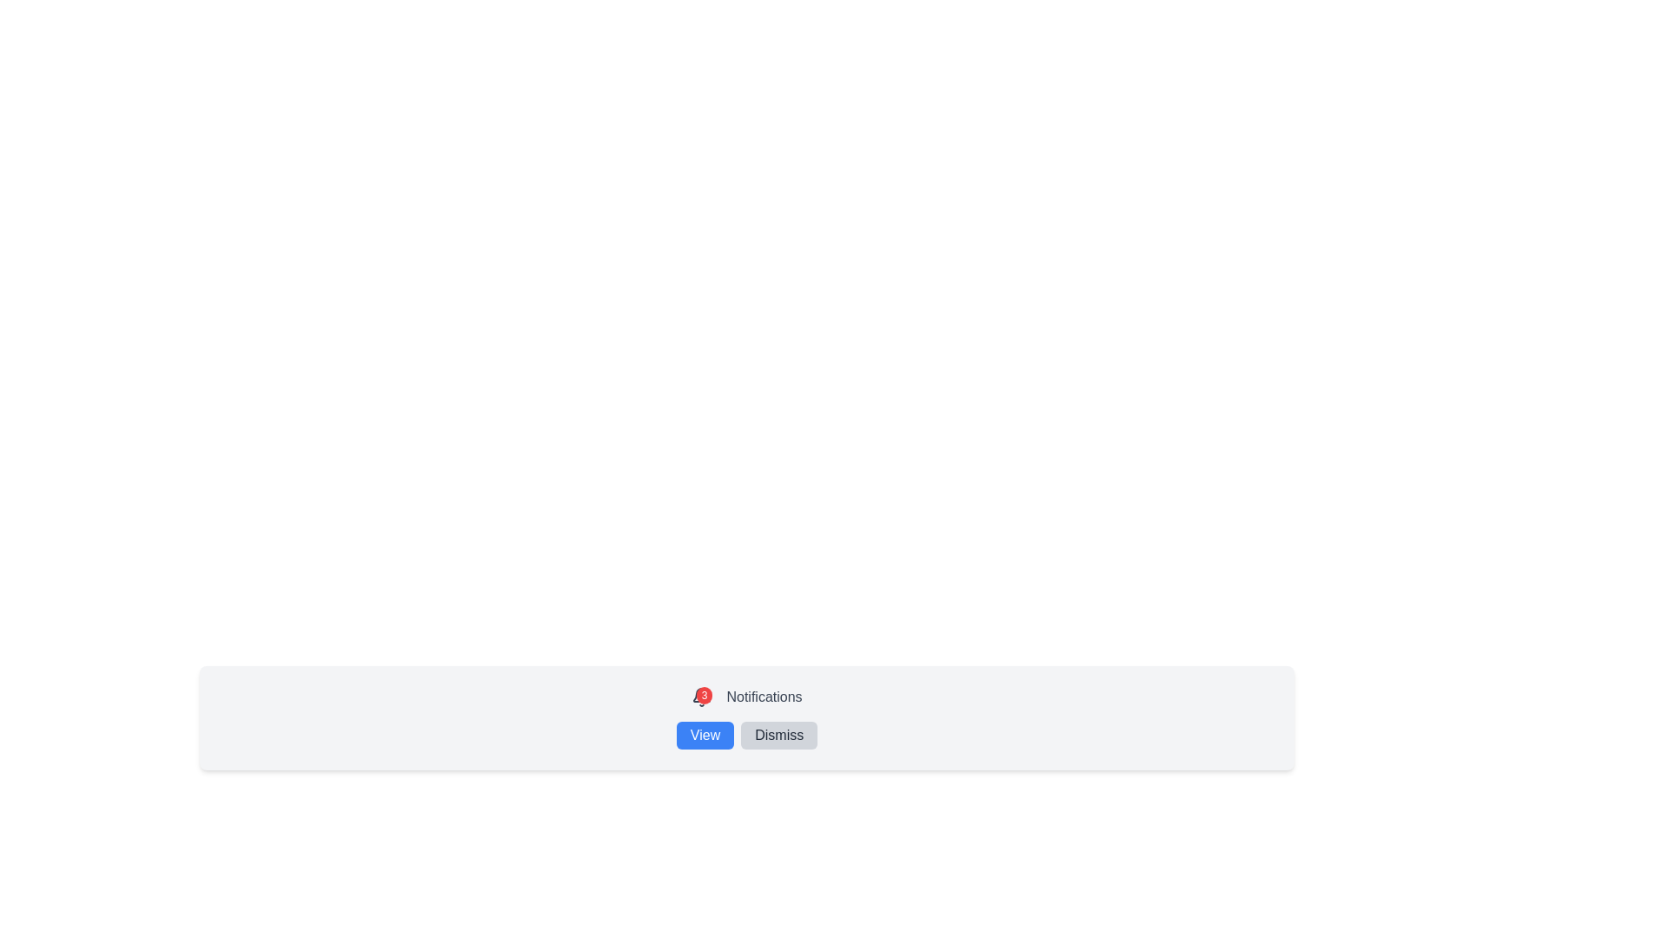 Image resolution: width=1668 pixels, height=938 pixels. I want to click on the 'Dismiss' button, which is a rectangular button with a light gray background and a rounded border, located to the right of the 'View' button in the lower section of the UI, so click(778, 736).